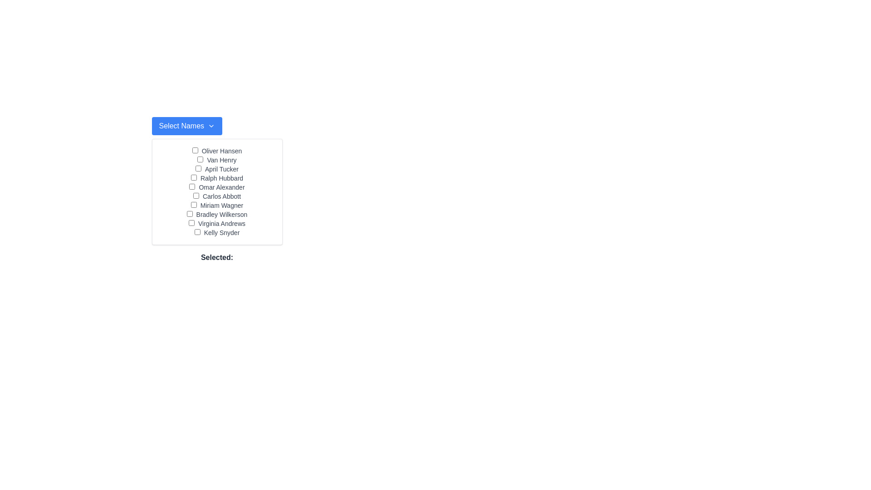 The width and height of the screenshot is (871, 490). I want to click on the checkbox labeled 'Virginia Andrews' to focus or highlight it, so click(191, 223).